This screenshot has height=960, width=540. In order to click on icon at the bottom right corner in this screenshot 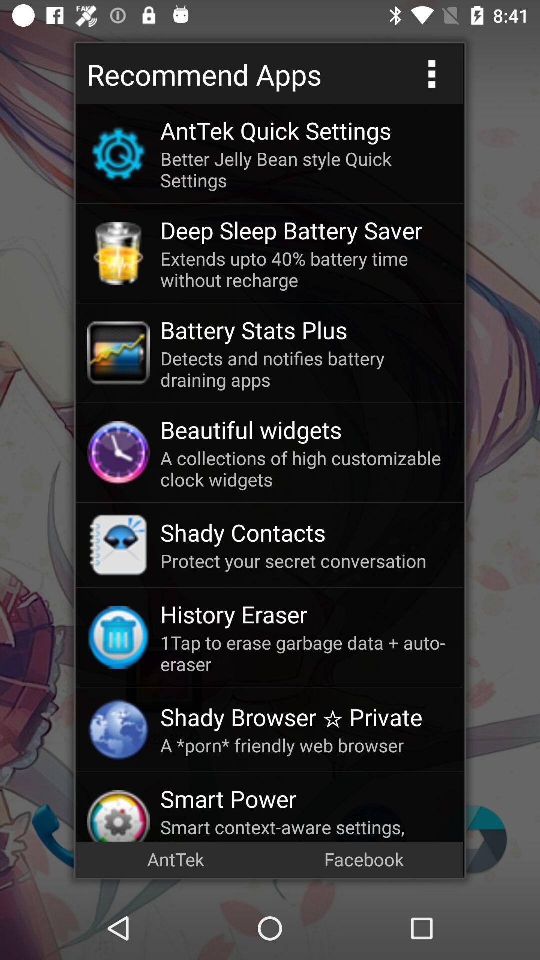, I will do `click(364, 858)`.